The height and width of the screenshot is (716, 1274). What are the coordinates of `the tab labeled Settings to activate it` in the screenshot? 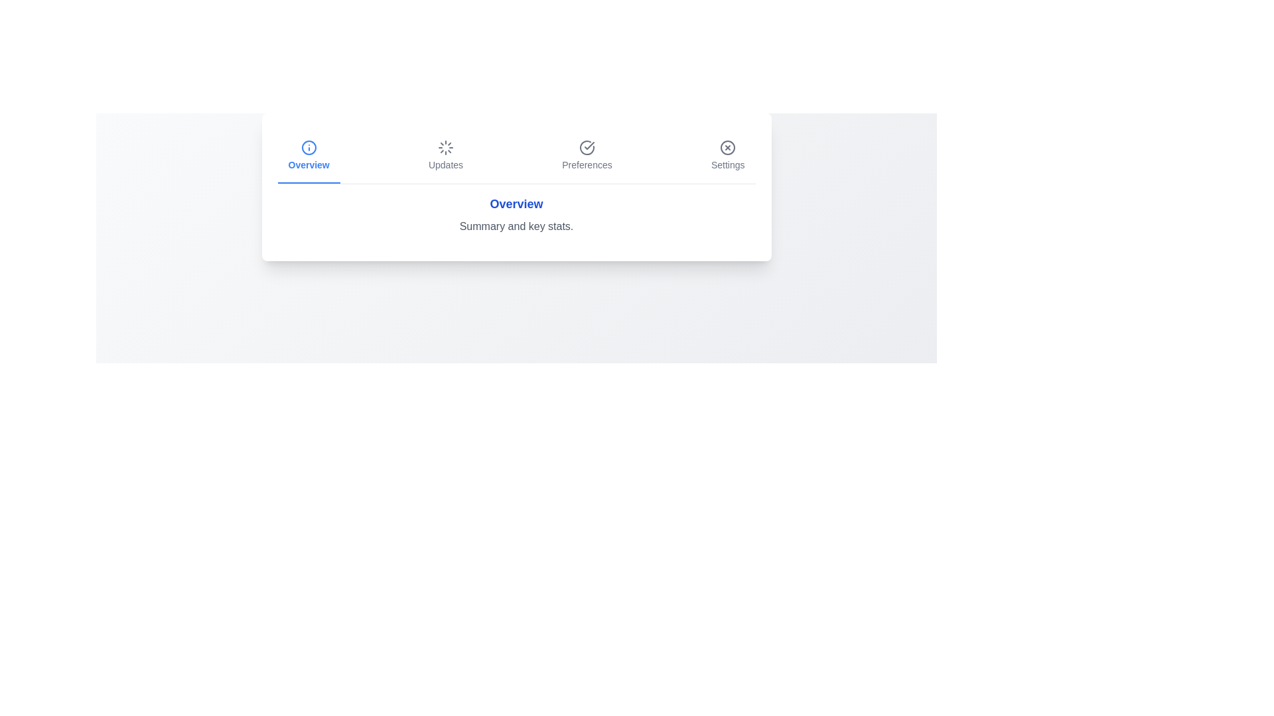 It's located at (727, 155).